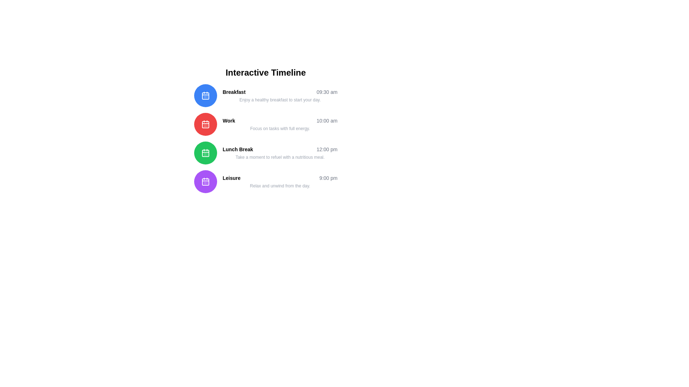 The height and width of the screenshot is (387, 689). I want to click on the second circle icon badge located to the left of the 'Work' text, which indicates an event or task related to the 'Work' section, so click(205, 124).